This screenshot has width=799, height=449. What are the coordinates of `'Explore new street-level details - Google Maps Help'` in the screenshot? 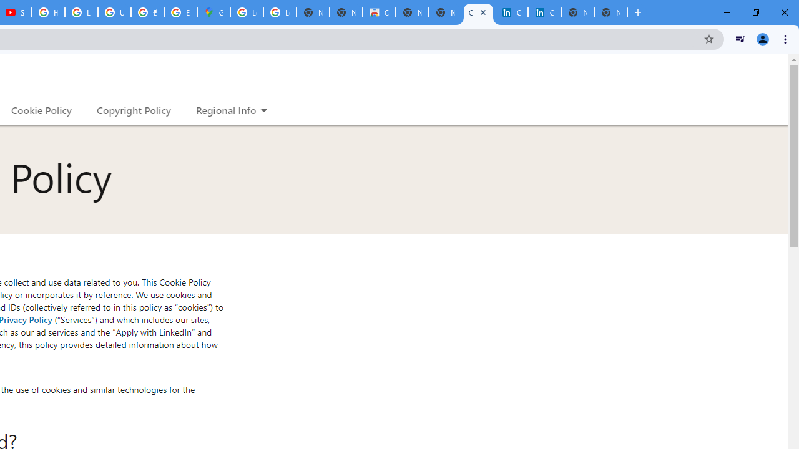 It's located at (180, 12).